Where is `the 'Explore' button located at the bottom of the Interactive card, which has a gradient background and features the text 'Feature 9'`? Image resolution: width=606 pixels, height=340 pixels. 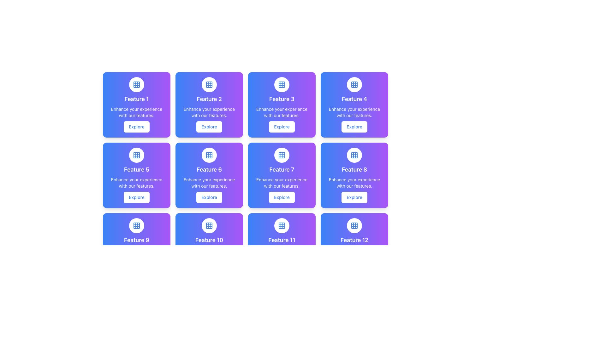
the 'Explore' button located at the bottom of the Interactive card, which has a gradient background and features the text 'Feature 9' is located at coordinates (136, 245).